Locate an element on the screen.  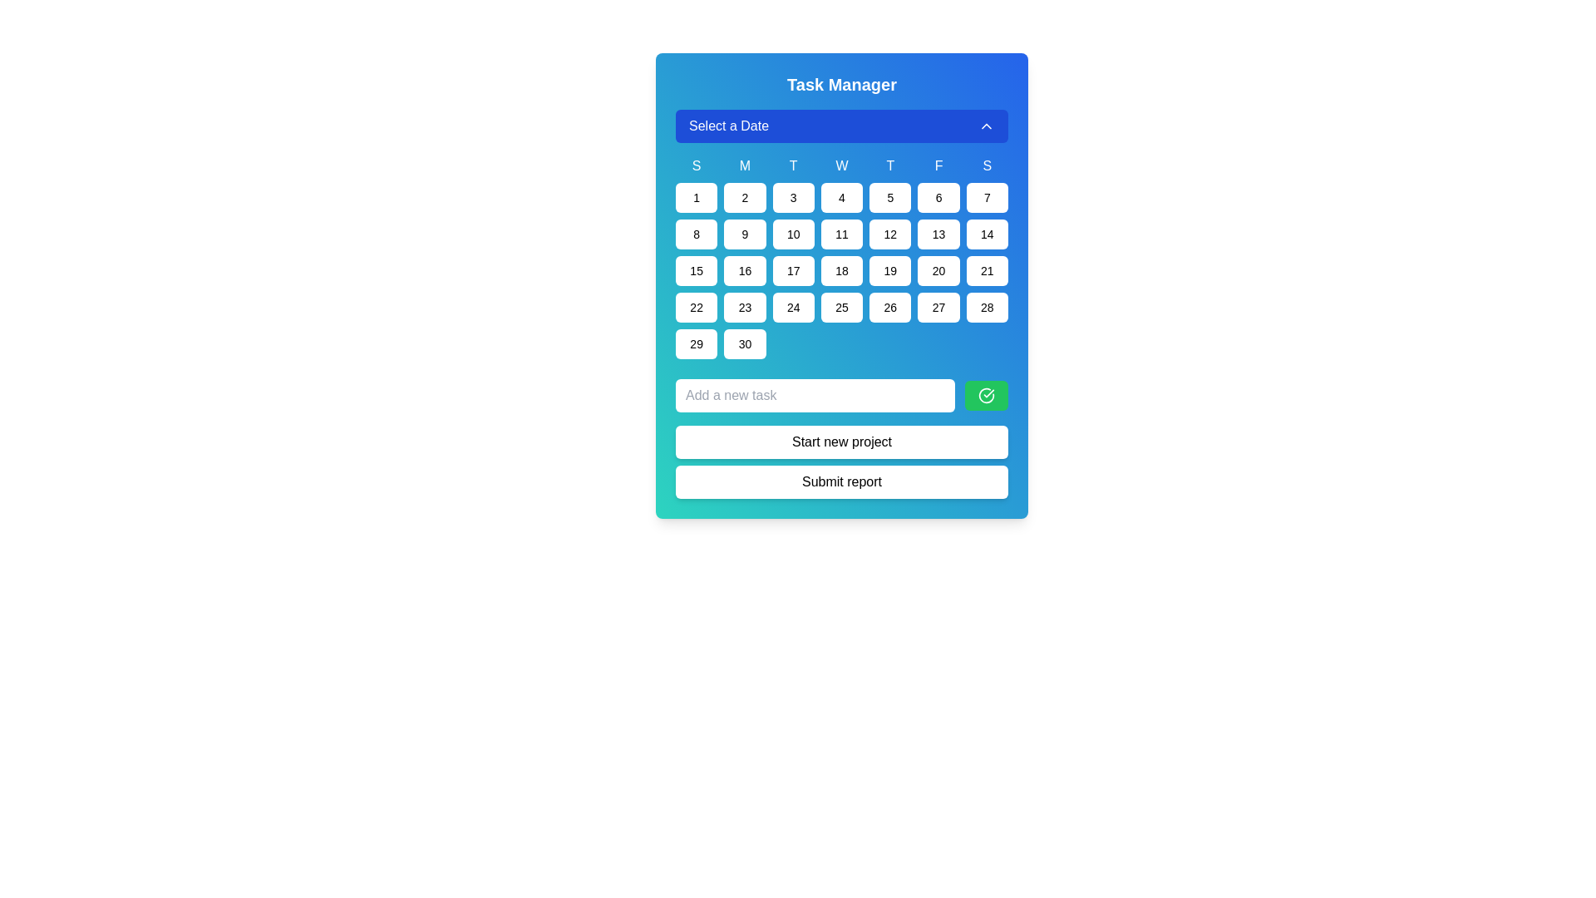
the calendar date button displaying '24', which is located in the fourth row and fourth column of the grid is located at coordinates (792, 308).